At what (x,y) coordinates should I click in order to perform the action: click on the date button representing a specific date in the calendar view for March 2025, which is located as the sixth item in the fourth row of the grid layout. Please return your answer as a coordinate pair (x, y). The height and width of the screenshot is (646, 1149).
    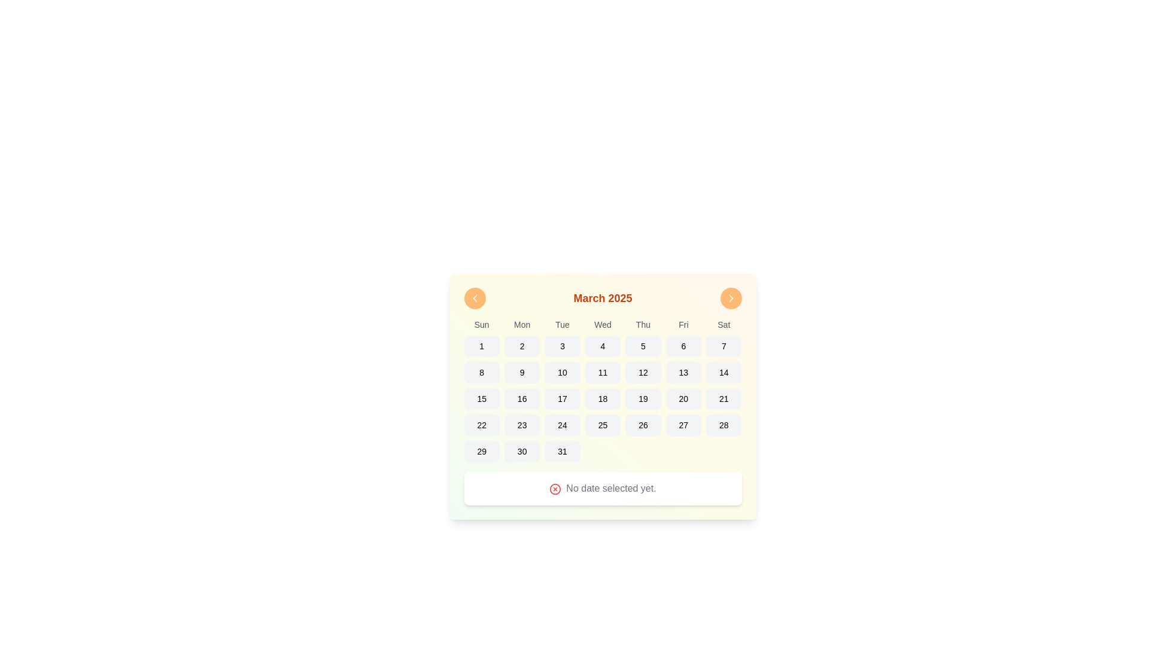
    Looking at the image, I should click on (683, 399).